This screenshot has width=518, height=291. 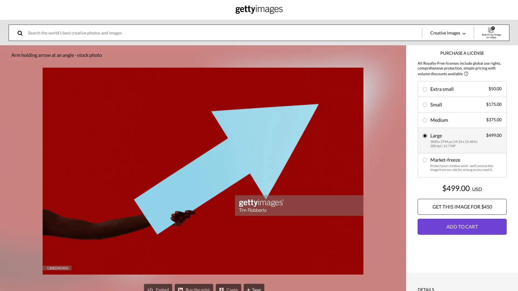 I want to click on Search by image or video, so click(x=491, y=32).